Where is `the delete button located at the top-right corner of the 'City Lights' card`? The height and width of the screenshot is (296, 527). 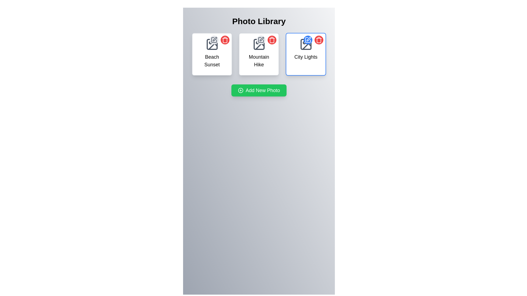 the delete button located at the top-right corner of the 'City Lights' card is located at coordinates (319, 40).